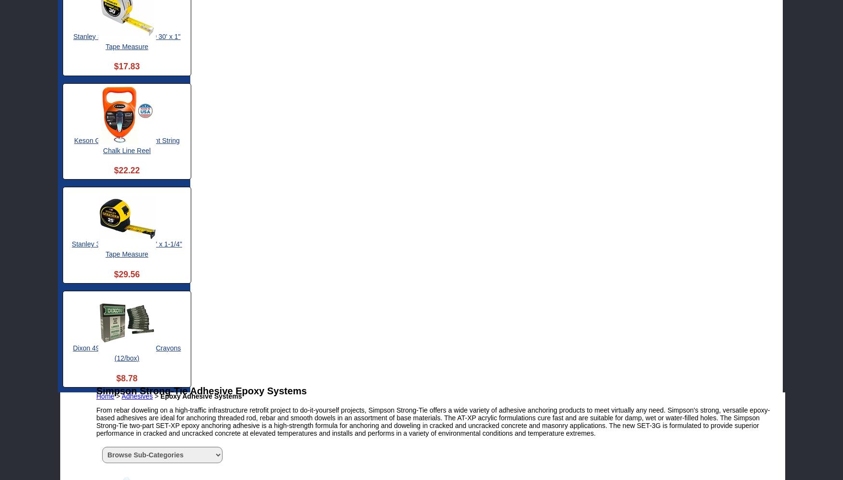 The height and width of the screenshot is (480, 843). Describe the element at coordinates (200, 396) in the screenshot. I see `'Epoxy Adhesive Systems'` at that location.